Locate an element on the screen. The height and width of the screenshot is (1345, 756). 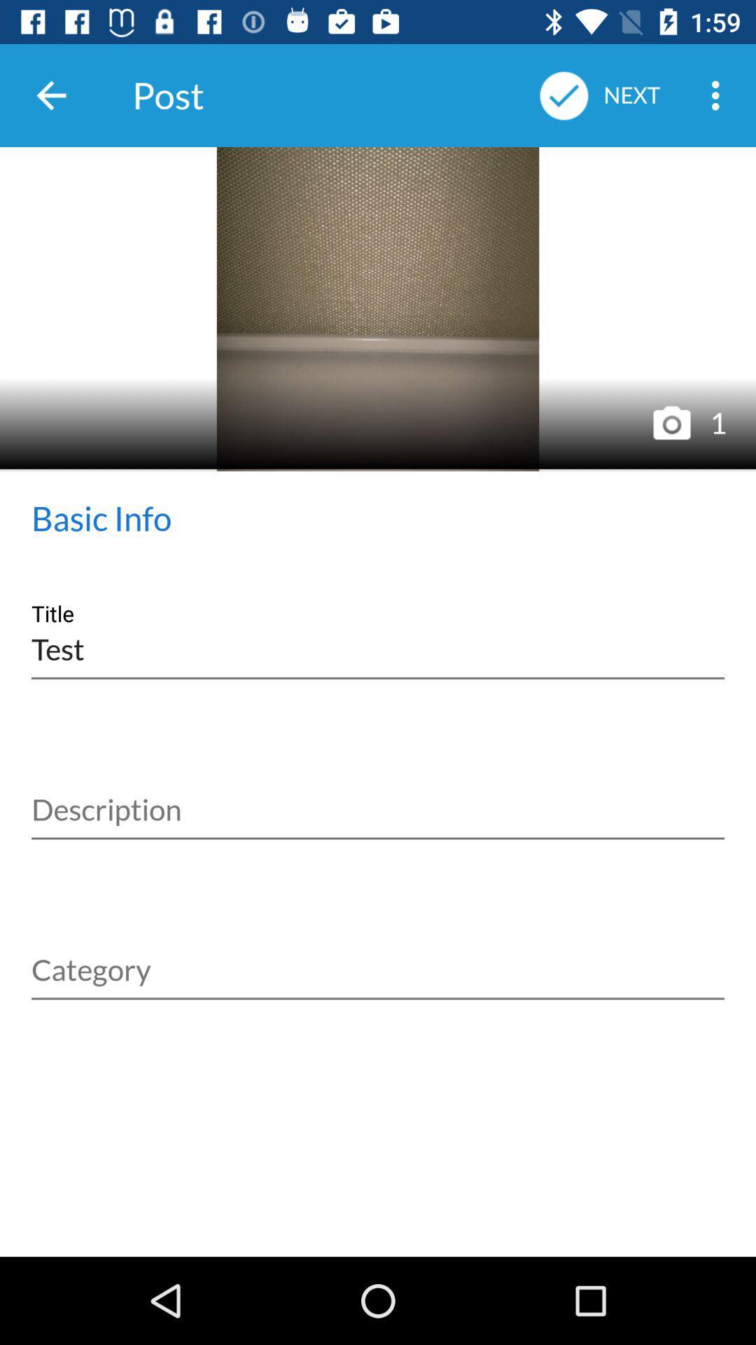
camera icon which is after the image is located at coordinates (671, 422).